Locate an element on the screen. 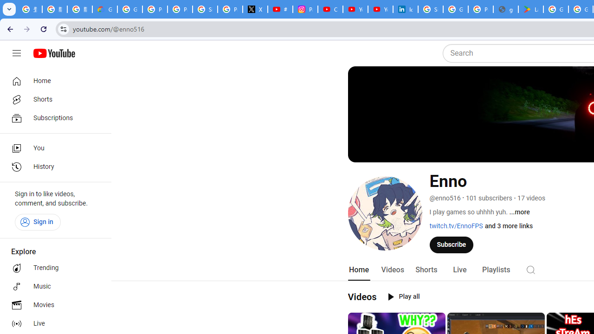 The width and height of the screenshot is (594, 334). 'google_privacy_policy_en.pdf' is located at coordinates (505, 9).